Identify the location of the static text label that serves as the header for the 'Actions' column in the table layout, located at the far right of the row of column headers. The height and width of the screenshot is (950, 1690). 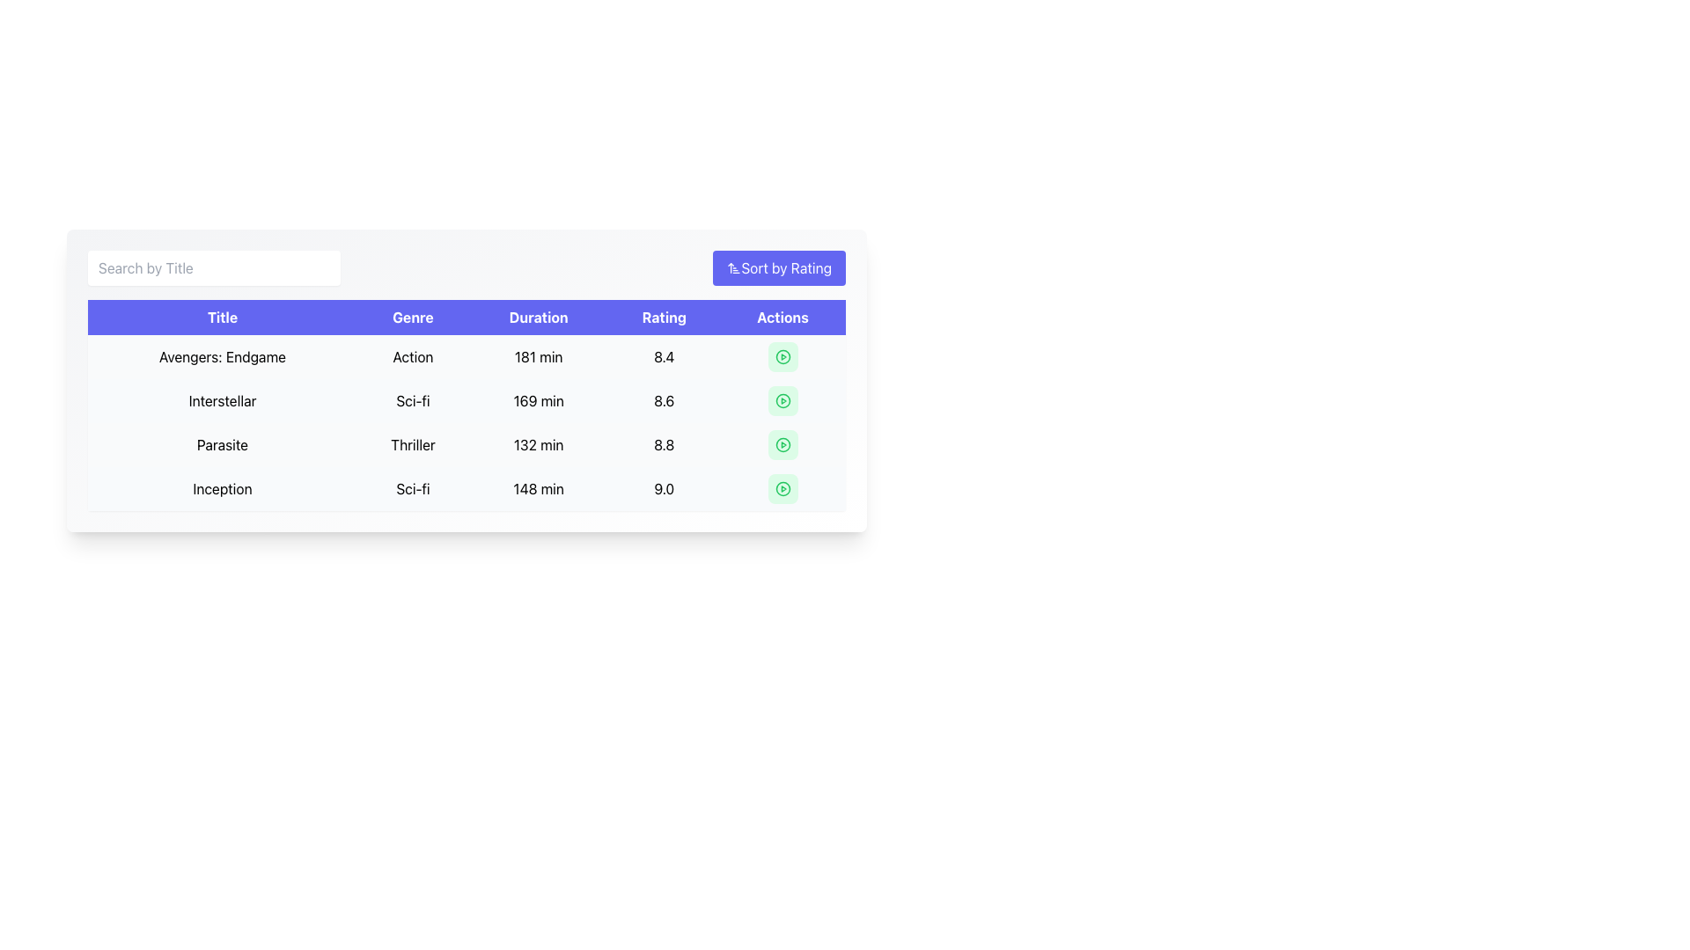
(782, 318).